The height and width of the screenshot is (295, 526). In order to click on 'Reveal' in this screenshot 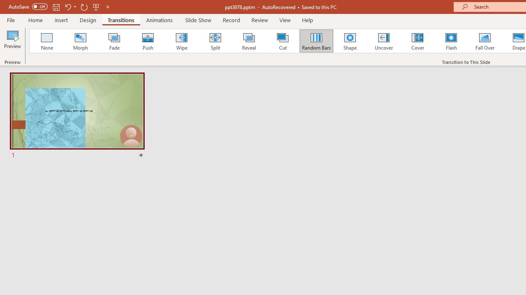, I will do `click(248, 41)`.